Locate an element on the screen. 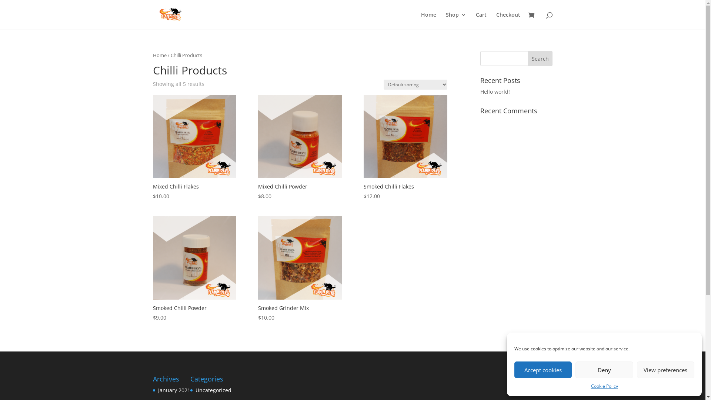 Image resolution: width=711 pixels, height=400 pixels. 'Smoked Chilli Flakes is located at coordinates (405, 147).